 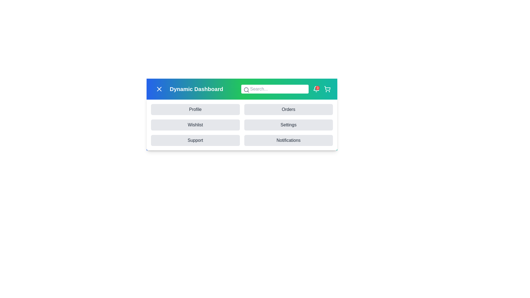 What do you see at coordinates (316, 89) in the screenshot?
I see `the notification bell icon to view notifications` at bounding box center [316, 89].